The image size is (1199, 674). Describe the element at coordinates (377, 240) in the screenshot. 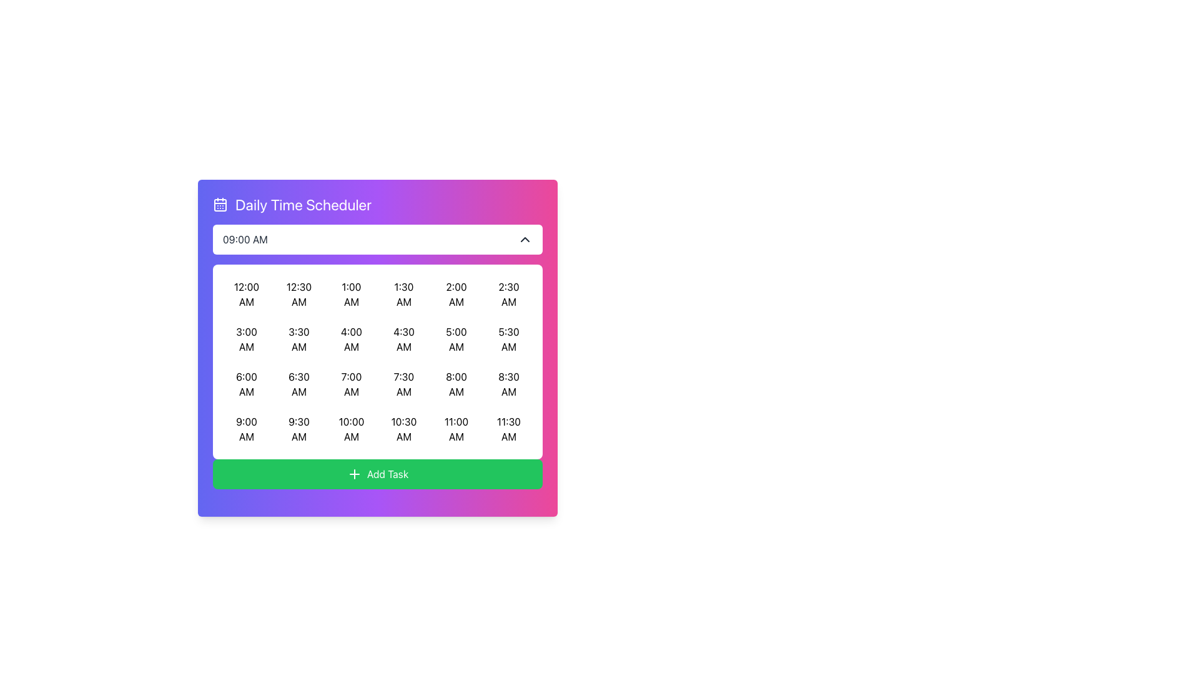

I see `the dropdown menu labeled '09:00 AM'` at that location.